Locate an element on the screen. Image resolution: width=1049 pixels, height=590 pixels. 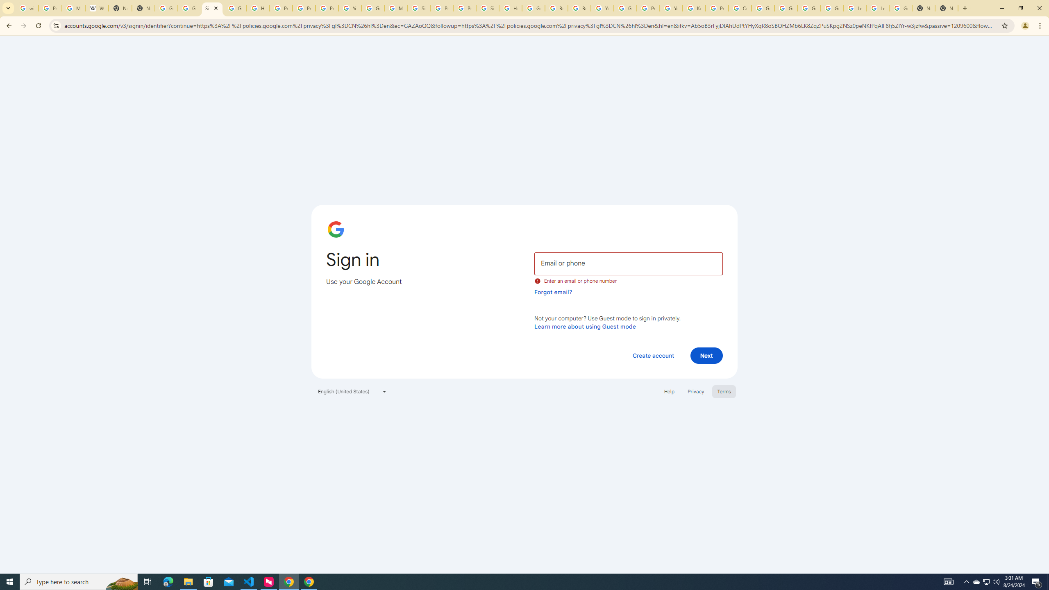
'Terms' is located at coordinates (724, 391).